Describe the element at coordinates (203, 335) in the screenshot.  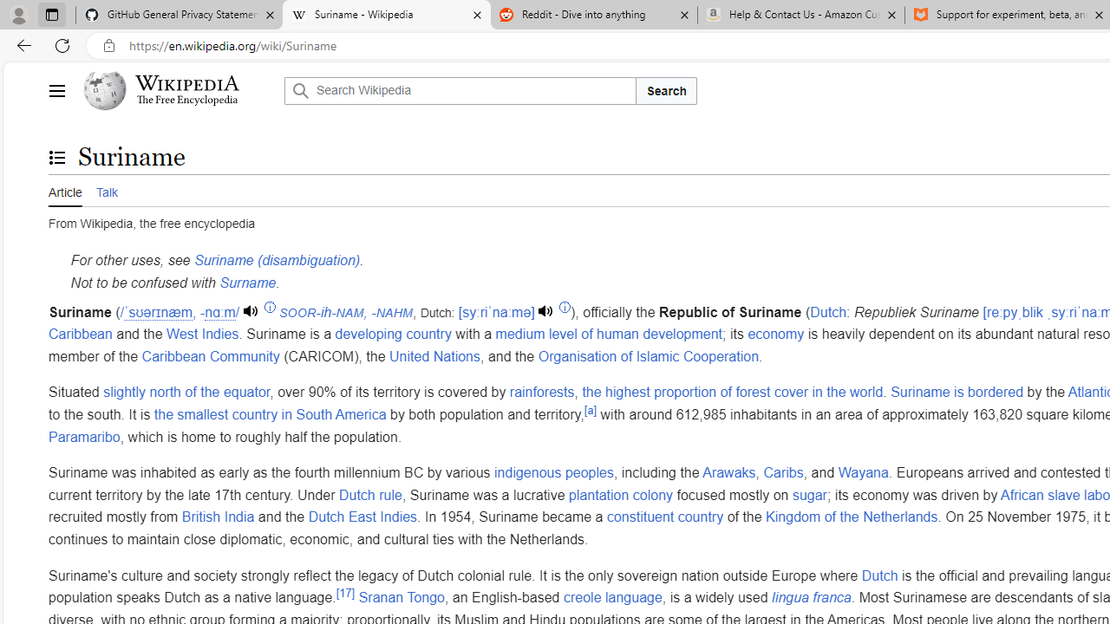
I see `'West Indies'` at that location.